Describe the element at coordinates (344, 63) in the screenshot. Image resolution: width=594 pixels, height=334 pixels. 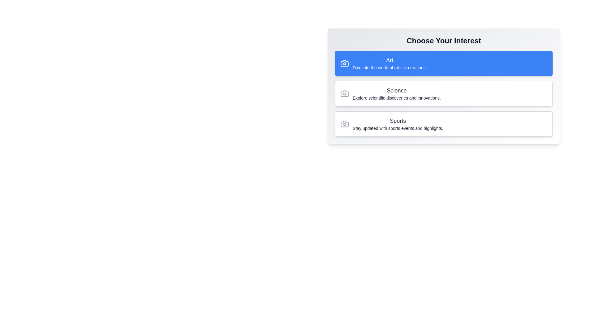
I see `the decorative 'Art' icon (SVG) located on the left side of the top entry in the 'Choose Your Interest' list` at that location.